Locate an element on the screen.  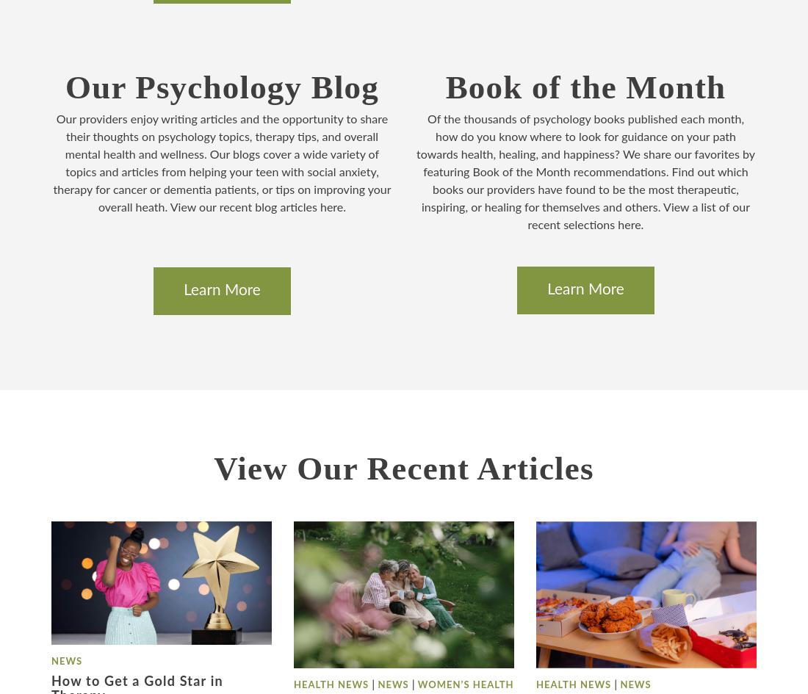
'Women’s Health' is located at coordinates (465, 684).